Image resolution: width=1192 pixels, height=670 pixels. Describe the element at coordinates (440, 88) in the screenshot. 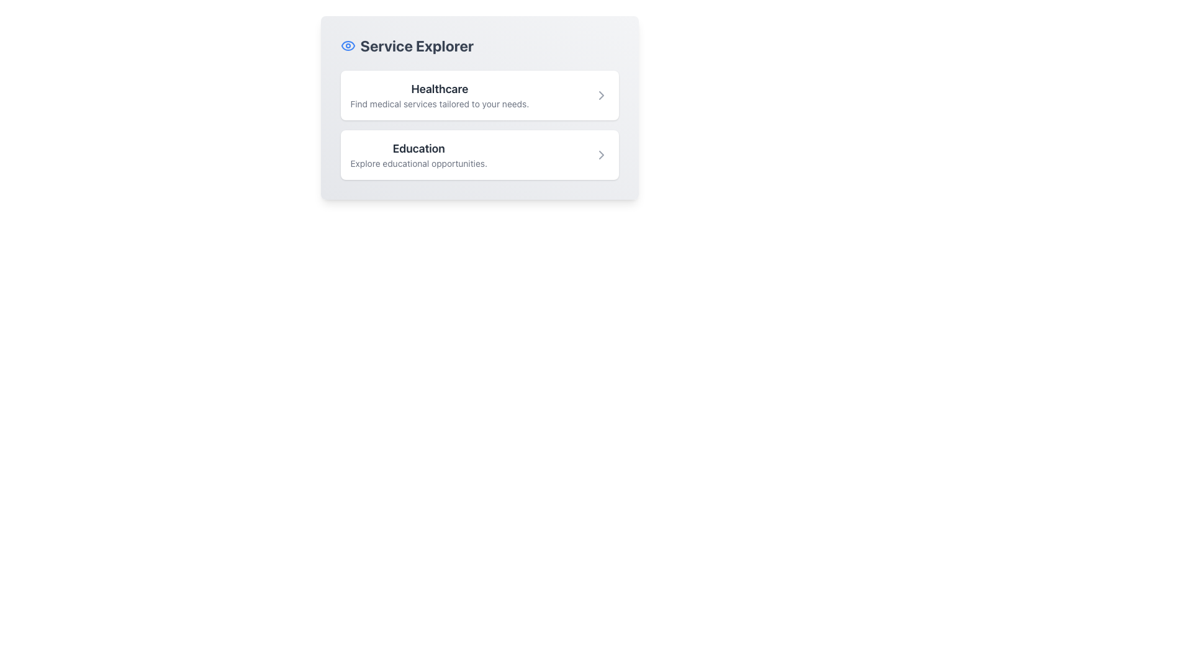

I see `the header text label for healthcare services` at that location.